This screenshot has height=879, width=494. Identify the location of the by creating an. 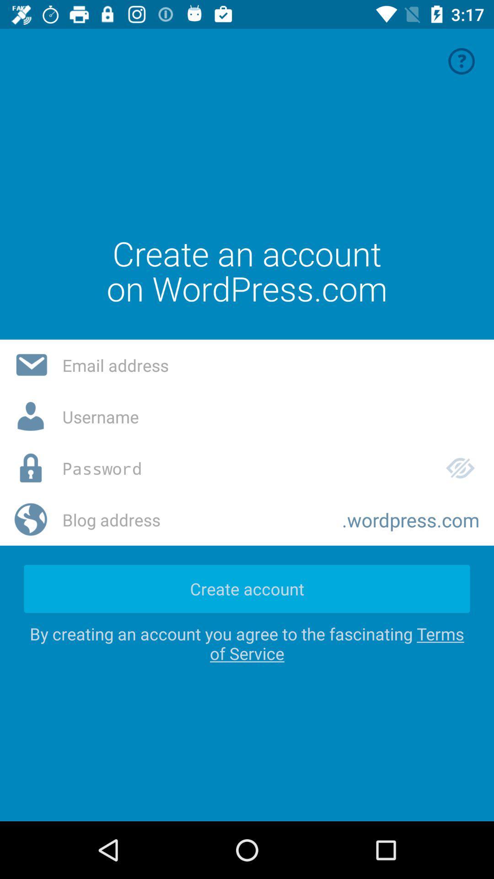
(247, 643).